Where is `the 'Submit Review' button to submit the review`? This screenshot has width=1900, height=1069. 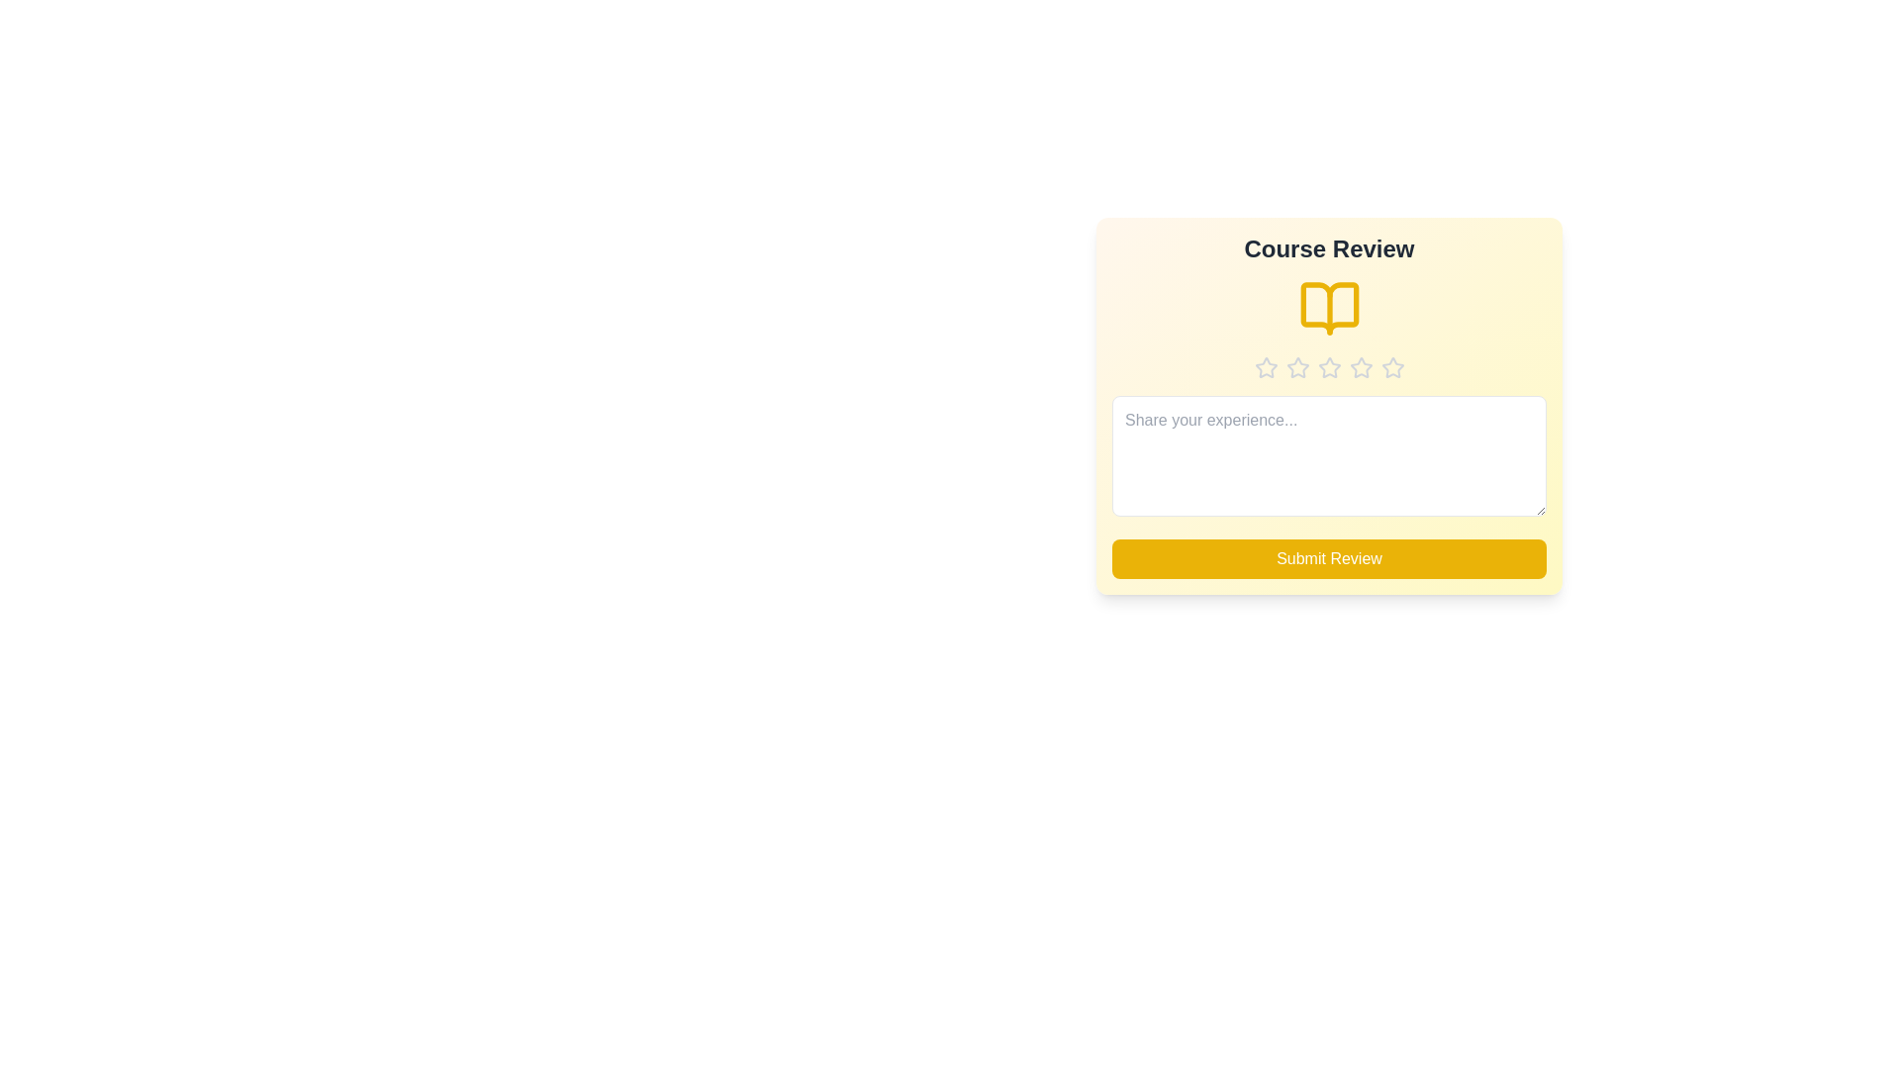 the 'Submit Review' button to submit the review is located at coordinates (1329, 558).